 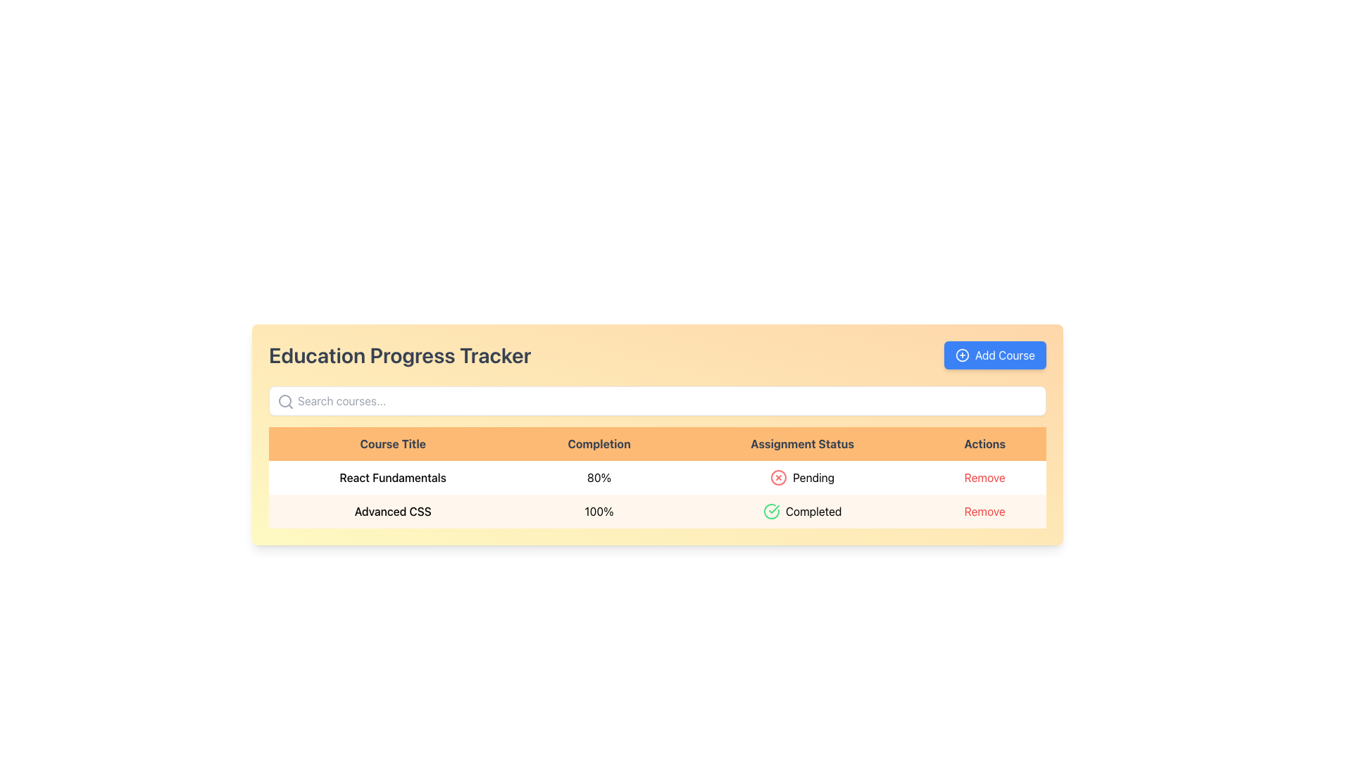 I want to click on the 'Advanced CSS' text label, which is a medium-weight font label located in the second row of the course table under the 'Course Title' column, so click(x=393, y=511).